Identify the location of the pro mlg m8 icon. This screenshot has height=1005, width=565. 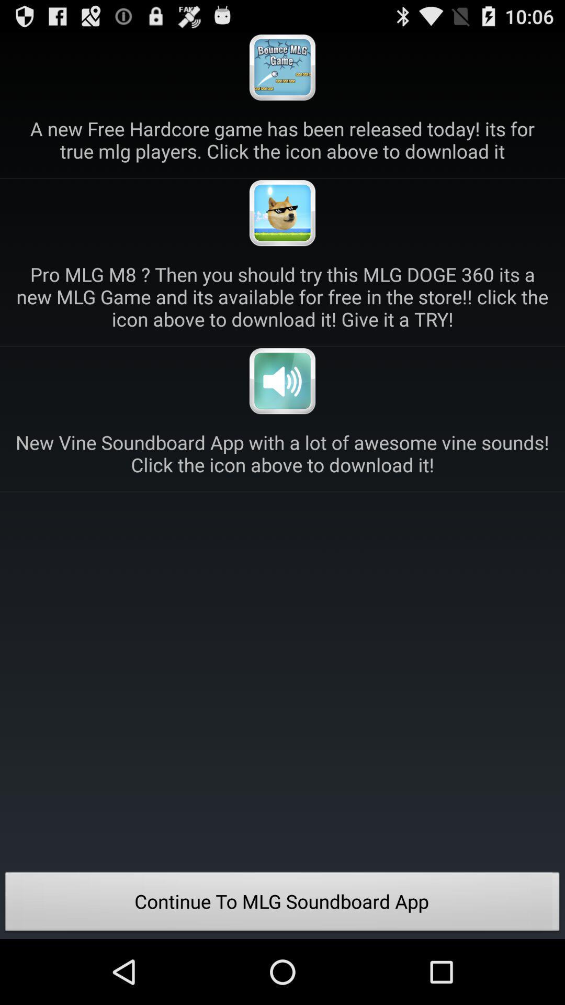
(282, 296).